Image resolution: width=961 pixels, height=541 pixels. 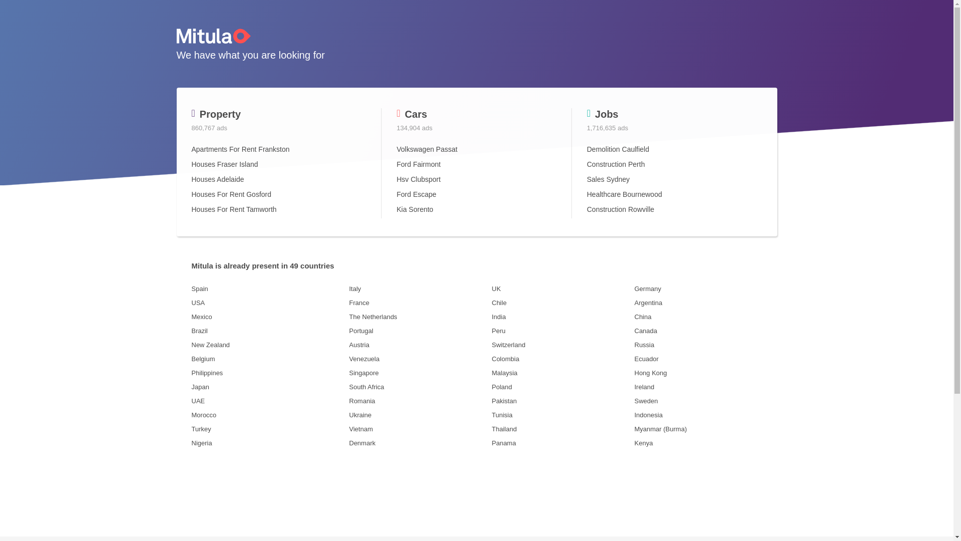 What do you see at coordinates (563, 317) in the screenshot?
I see `'India'` at bounding box center [563, 317].